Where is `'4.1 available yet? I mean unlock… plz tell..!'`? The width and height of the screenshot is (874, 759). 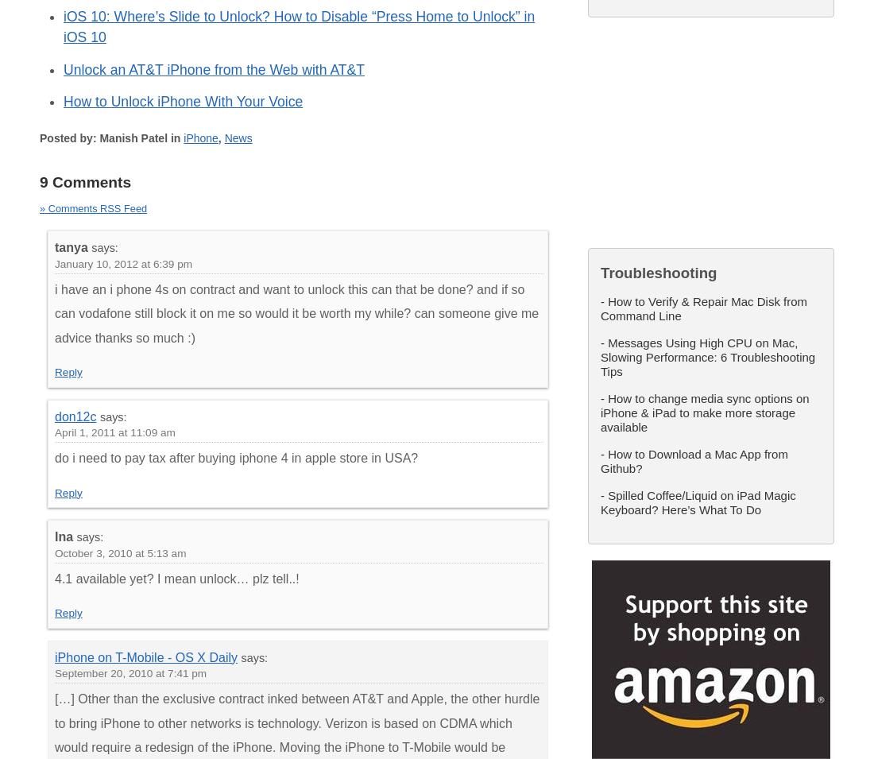
'4.1 available yet? I mean unlock… plz tell..!' is located at coordinates (176, 577).